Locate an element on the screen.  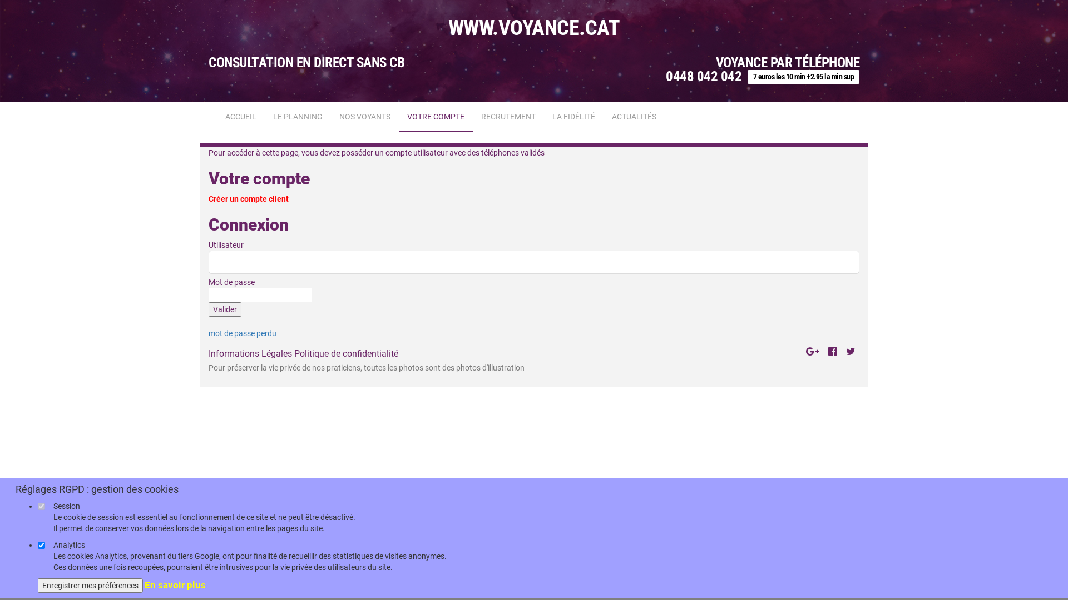
'LE PLANNING' is located at coordinates (298, 116).